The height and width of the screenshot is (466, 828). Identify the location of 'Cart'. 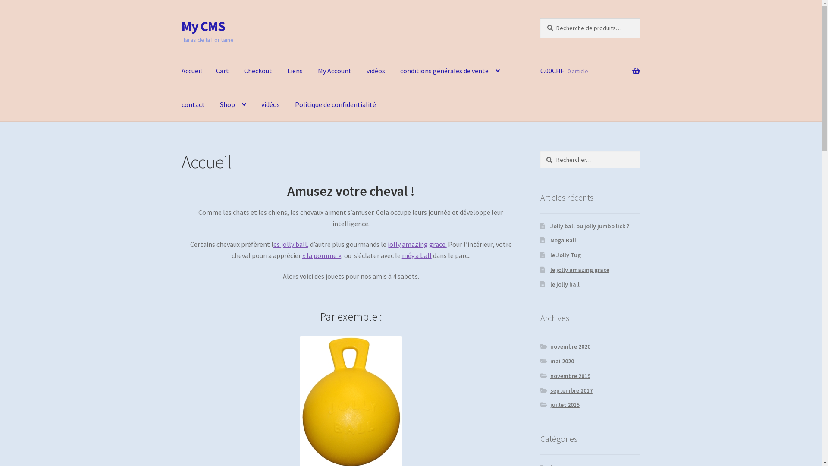
(209, 71).